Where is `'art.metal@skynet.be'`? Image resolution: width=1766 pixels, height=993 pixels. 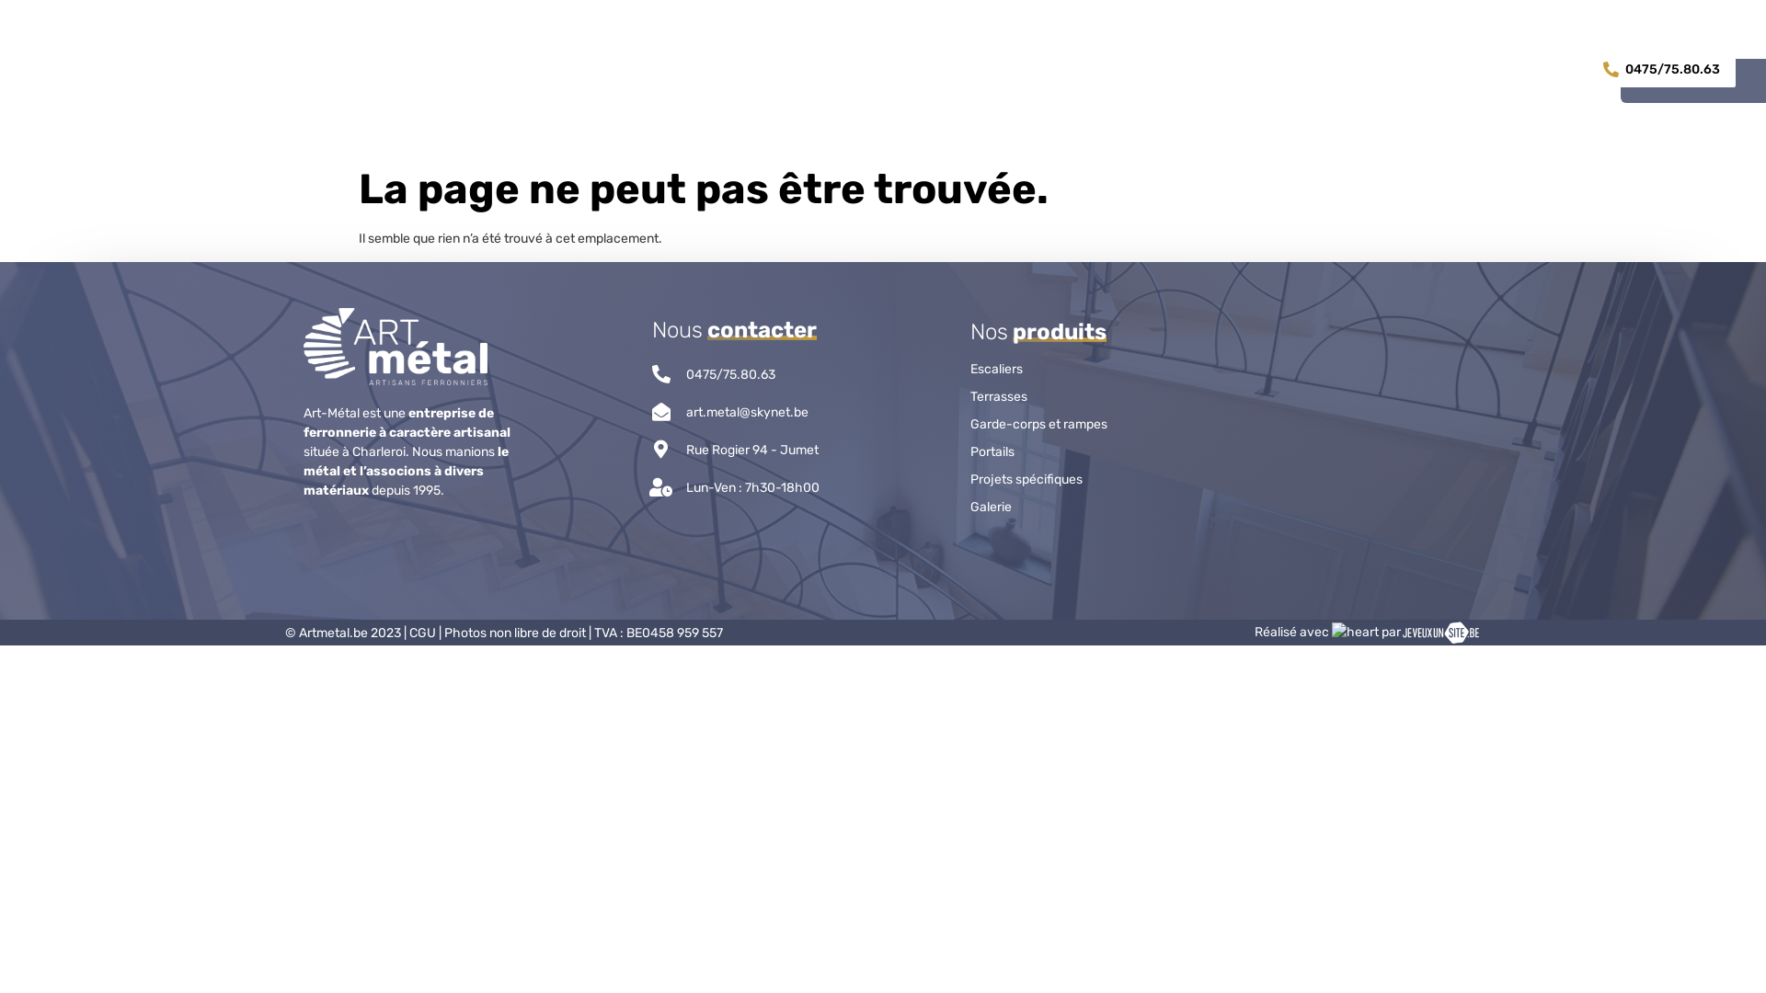 'art.metal@skynet.be' is located at coordinates (747, 411).